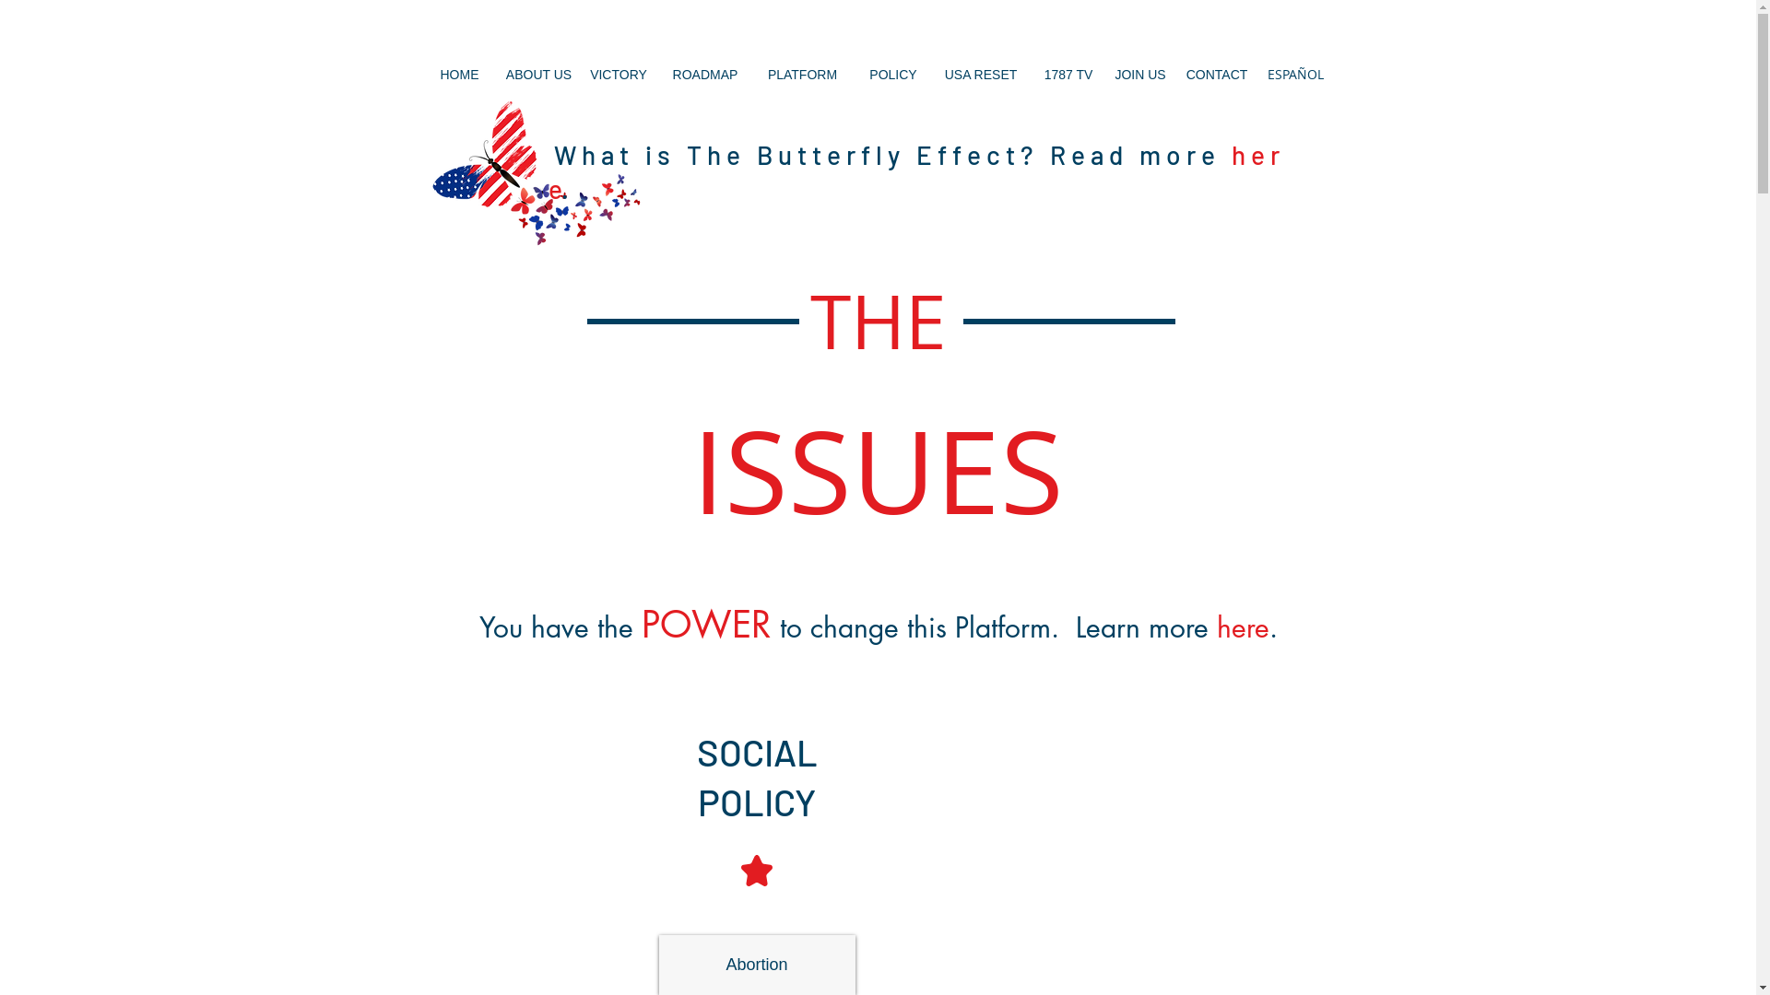 This screenshot has width=1770, height=995. What do you see at coordinates (642, 626) in the screenshot?
I see `'POWER'` at bounding box center [642, 626].